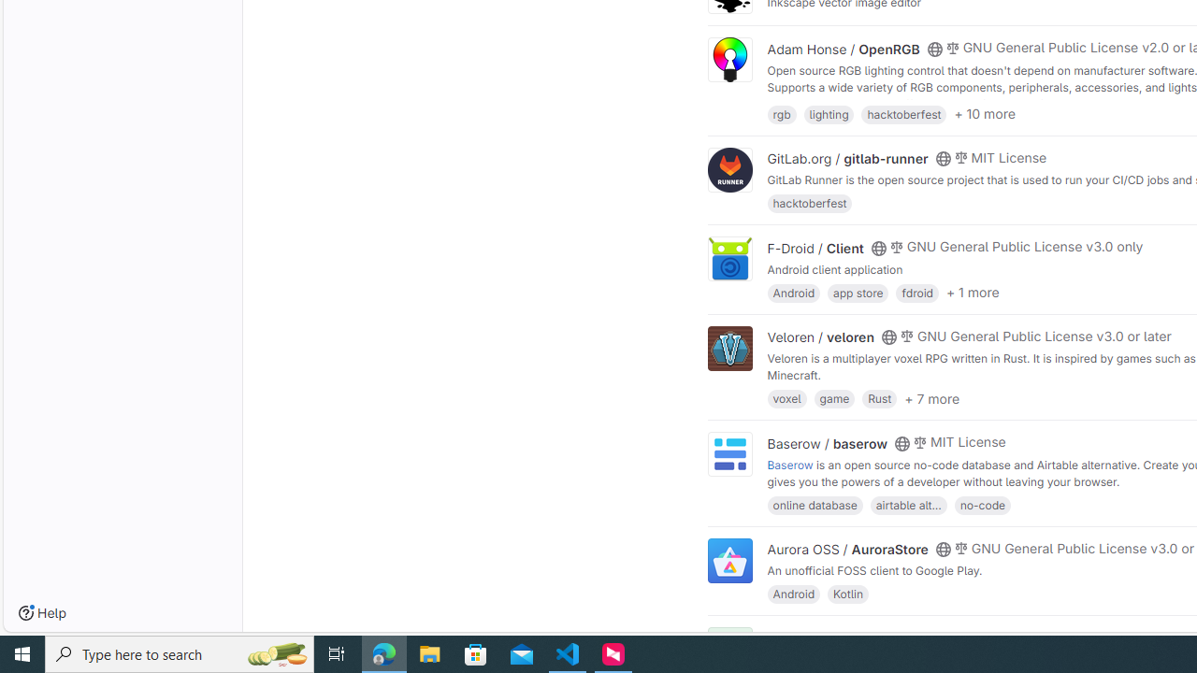 The width and height of the screenshot is (1197, 673). I want to click on 'Kotlin', so click(847, 594).